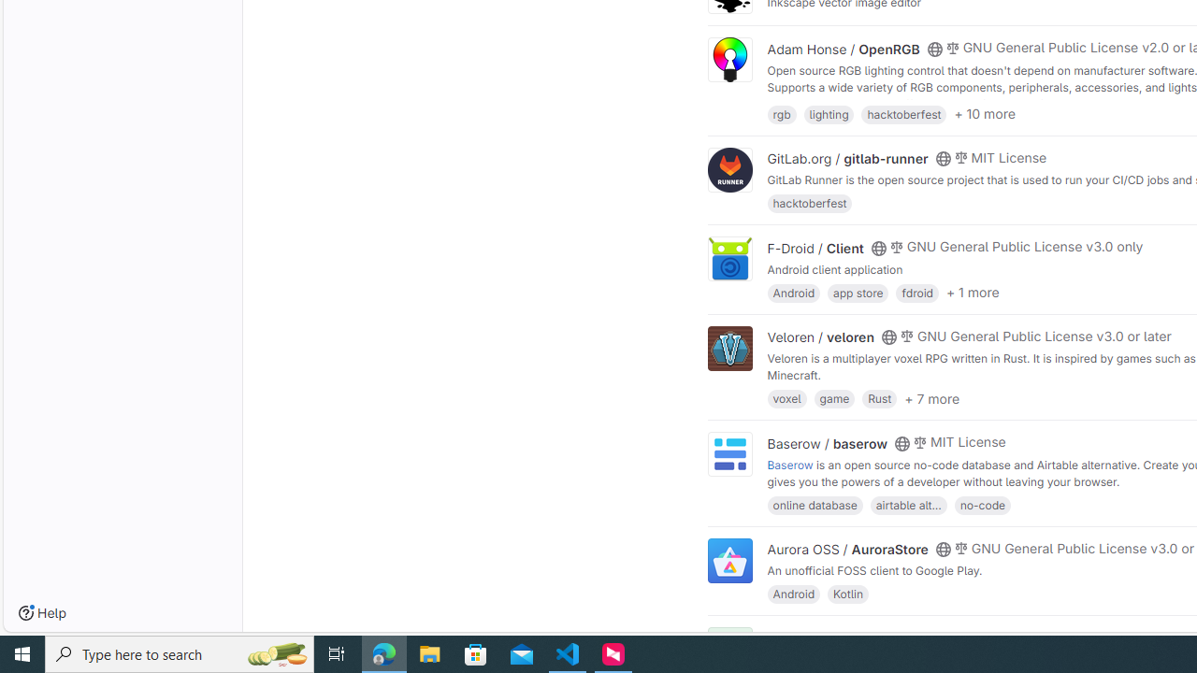 The width and height of the screenshot is (1197, 673). I want to click on 'Kotlin', so click(847, 594).